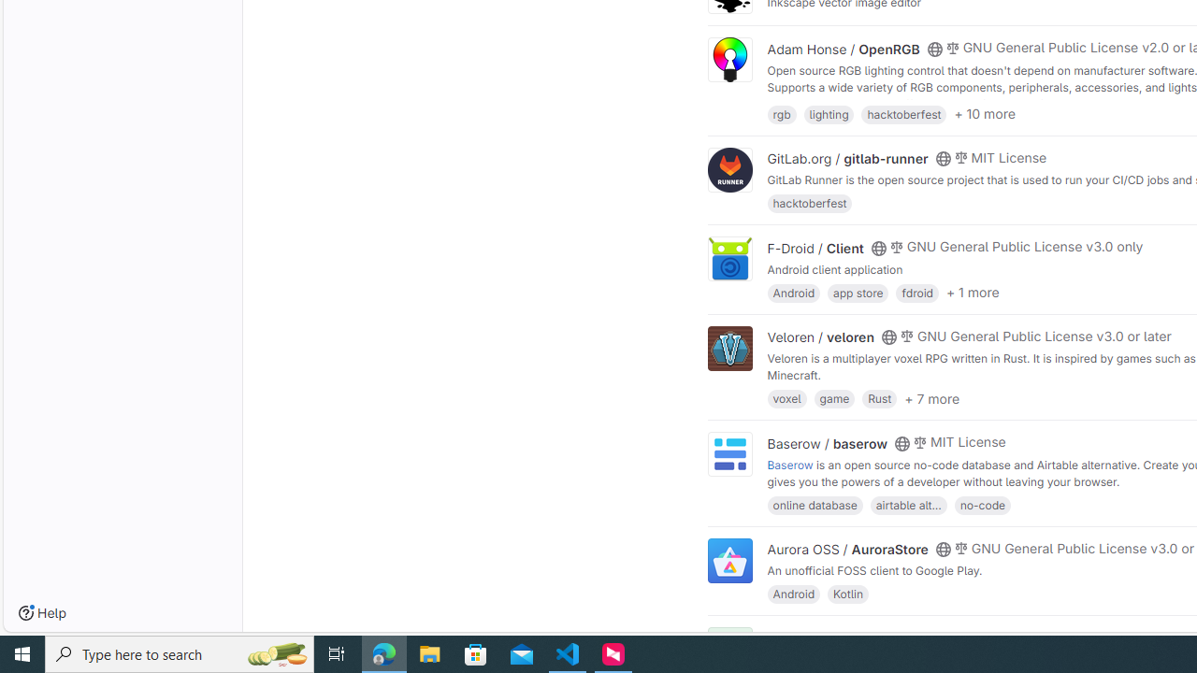 The width and height of the screenshot is (1197, 673). I want to click on 'Kotlin', so click(847, 594).